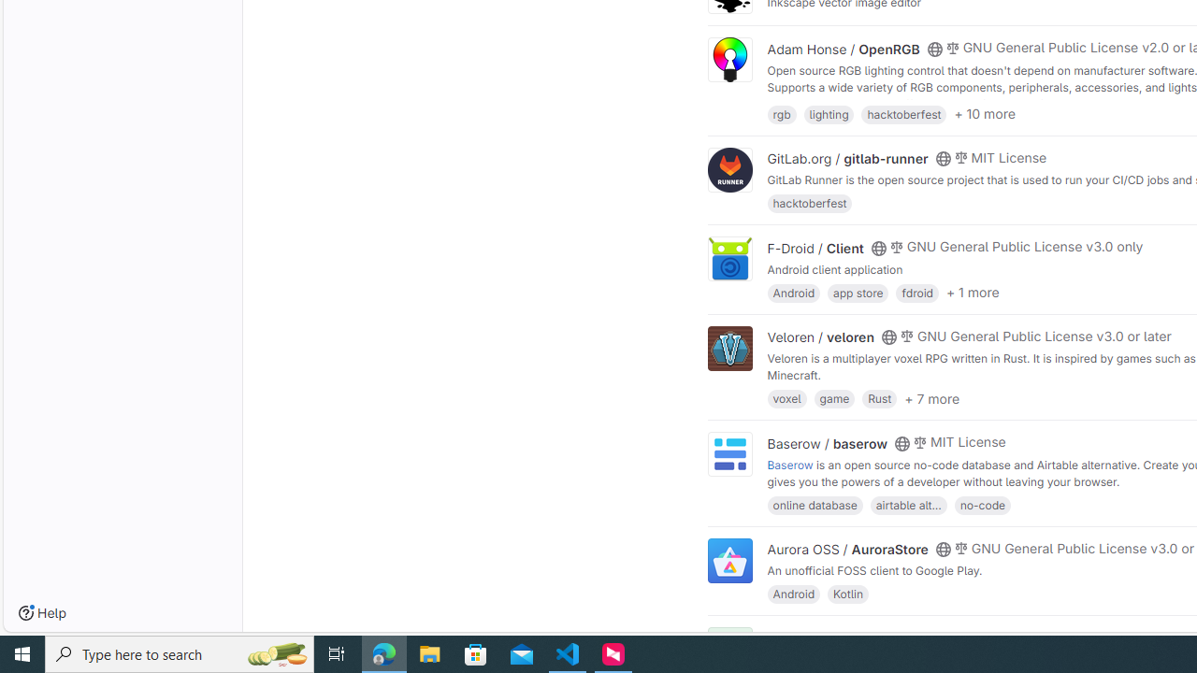 The width and height of the screenshot is (1197, 673). I want to click on 'Kotlin', so click(847, 594).